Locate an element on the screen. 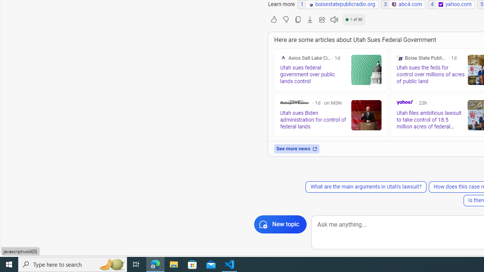  'What are the main arguments in Utah' is located at coordinates (366, 187).